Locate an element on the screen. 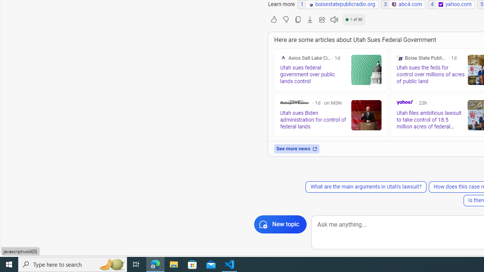  'What are the main arguments in Utah' is located at coordinates (366, 187).